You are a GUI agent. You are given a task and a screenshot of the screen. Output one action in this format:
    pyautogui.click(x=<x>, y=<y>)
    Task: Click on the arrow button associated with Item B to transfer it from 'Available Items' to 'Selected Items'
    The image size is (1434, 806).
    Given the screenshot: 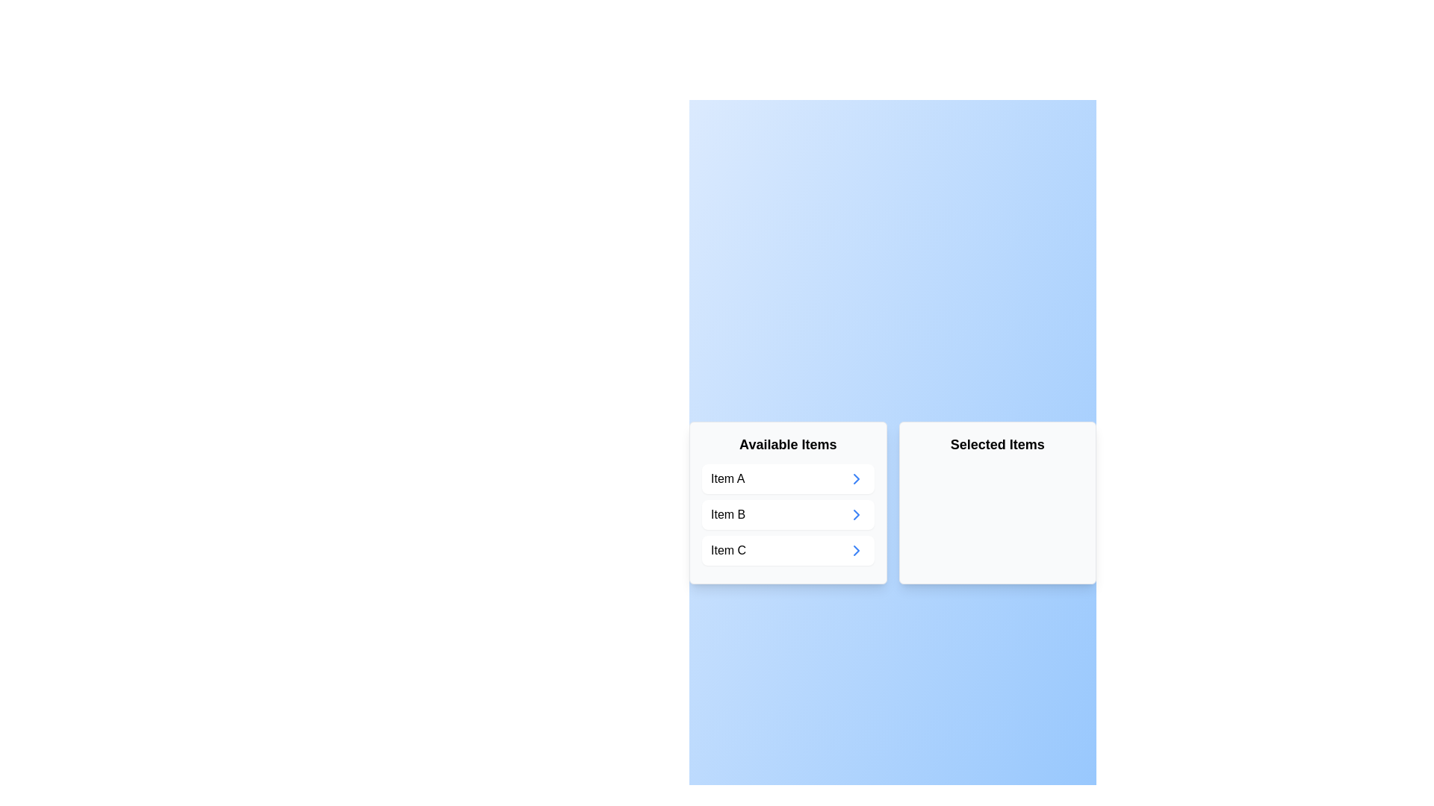 What is the action you would take?
    pyautogui.click(x=856, y=514)
    